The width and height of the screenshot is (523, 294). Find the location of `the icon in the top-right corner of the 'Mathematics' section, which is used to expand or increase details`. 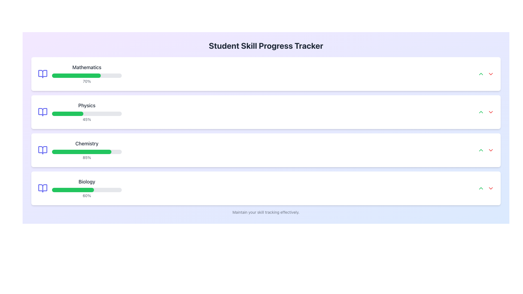

the icon in the top-right corner of the 'Mathematics' section, which is used to expand or increase details is located at coordinates (481, 74).